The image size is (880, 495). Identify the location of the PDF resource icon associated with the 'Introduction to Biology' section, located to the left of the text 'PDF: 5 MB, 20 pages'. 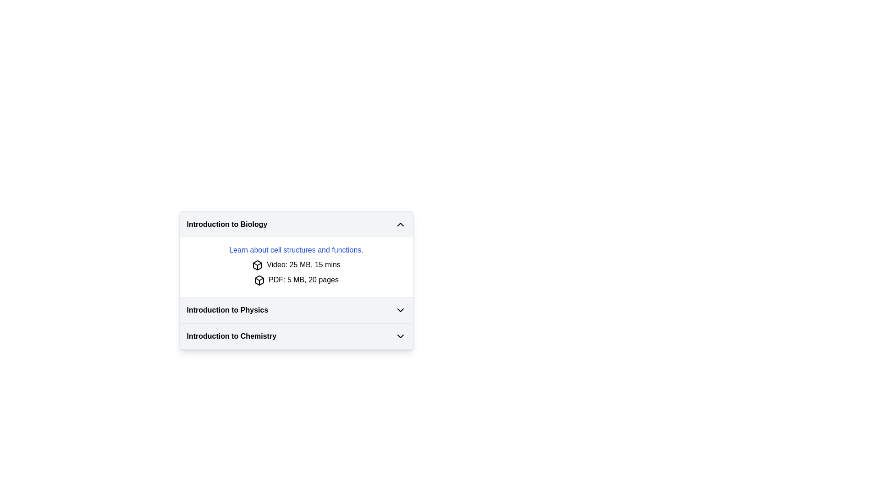
(257, 265).